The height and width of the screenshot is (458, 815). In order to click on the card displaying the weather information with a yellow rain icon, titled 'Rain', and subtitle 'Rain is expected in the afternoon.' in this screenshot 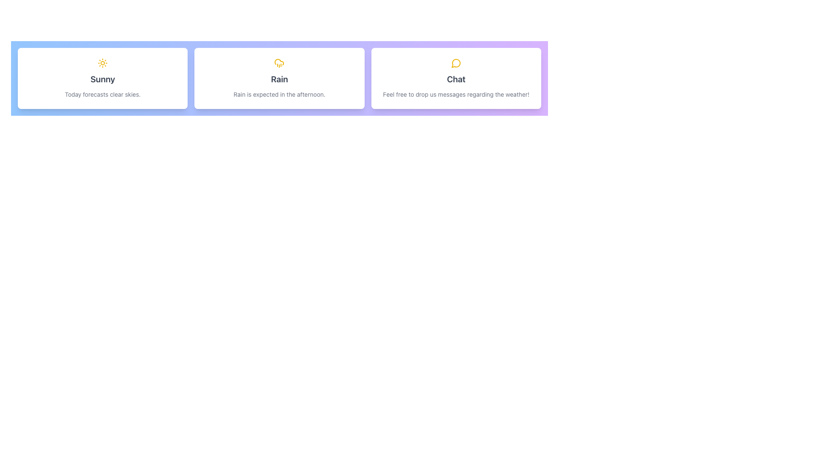, I will do `click(279, 78)`.